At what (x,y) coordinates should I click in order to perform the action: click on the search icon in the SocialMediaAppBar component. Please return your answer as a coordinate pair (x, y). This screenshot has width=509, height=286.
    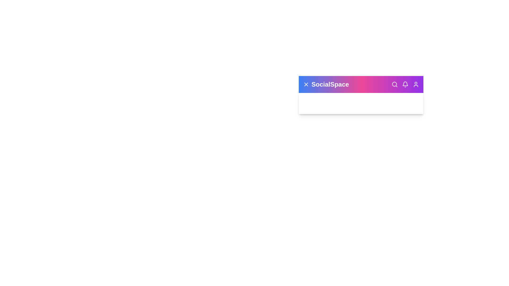
    Looking at the image, I should click on (394, 84).